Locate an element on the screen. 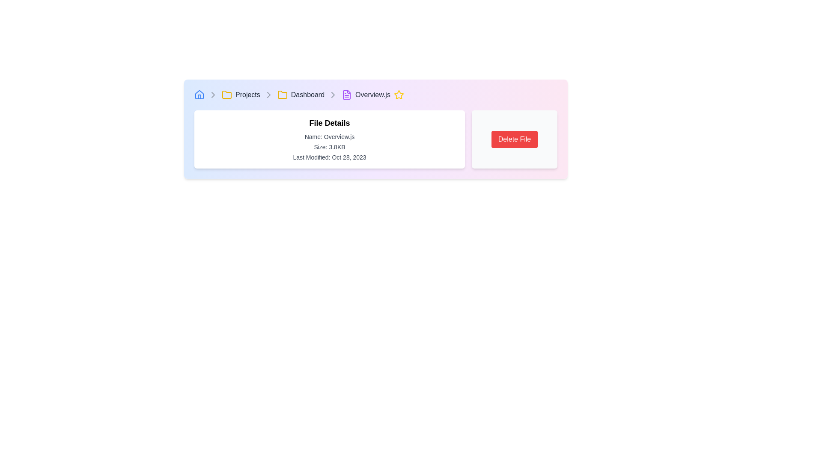 The image size is (822, 462). the breadcrumb navigation item displaying the text 'ProjectsDashboardOverview.js', which is the last item in the breadcrumb navigation bar with a gray font color is located at coordinates (376, 95).